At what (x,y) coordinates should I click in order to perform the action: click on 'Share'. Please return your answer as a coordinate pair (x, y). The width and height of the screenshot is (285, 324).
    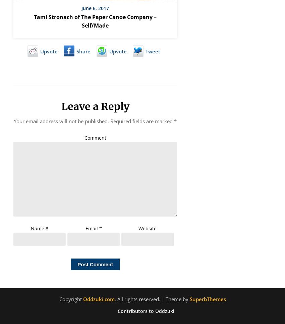
    Looking at the image, I should click on (83, 51).